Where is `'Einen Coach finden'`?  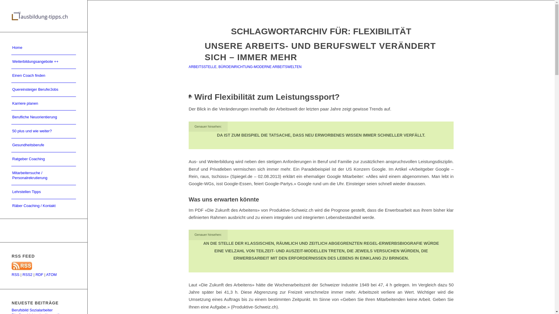 'Einen Coach finden' is located at coordinates (43, 76).